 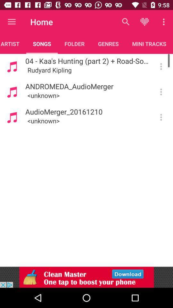 I want to click on more options, so click(x=161, y=66).